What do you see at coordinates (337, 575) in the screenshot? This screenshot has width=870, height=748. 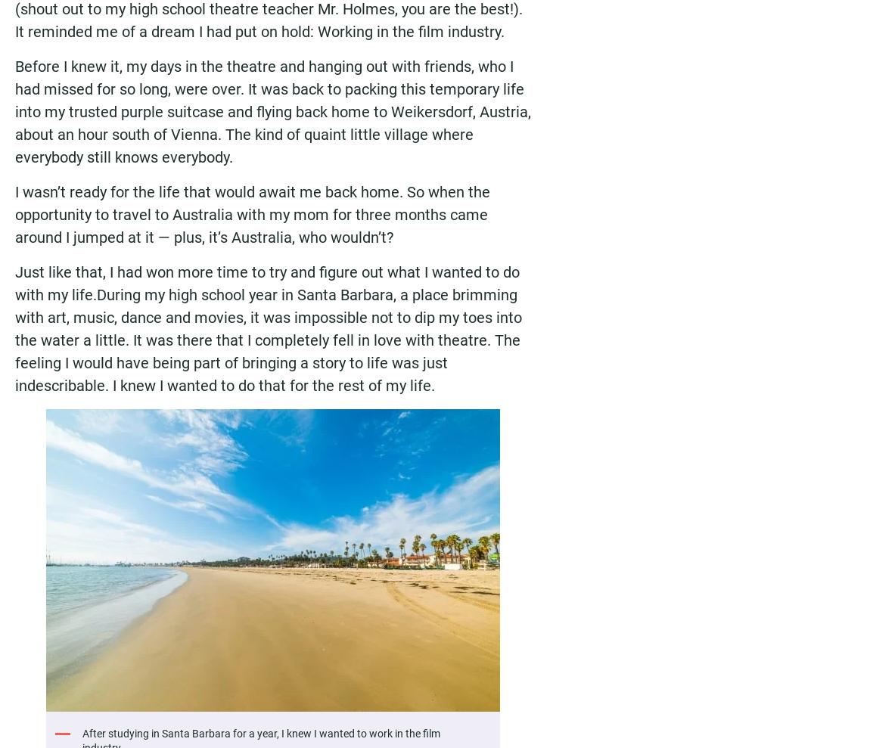 I see `'Stay informed'` at bounding box center [337, 575].